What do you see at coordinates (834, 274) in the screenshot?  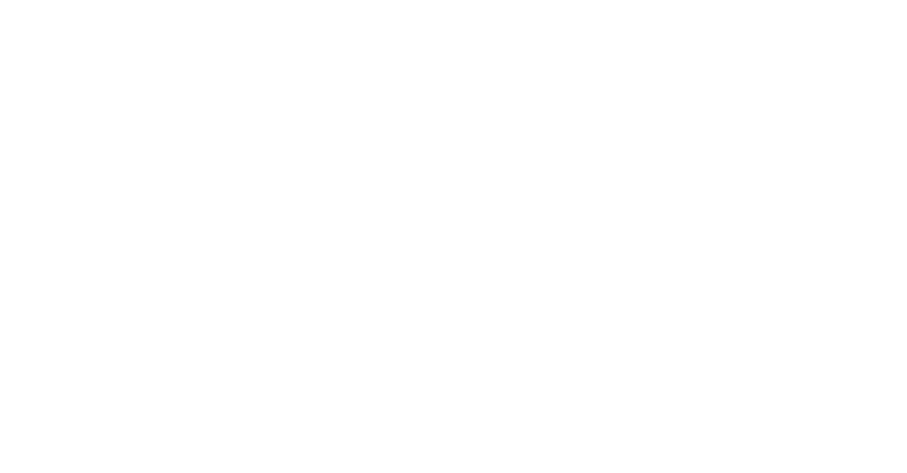 I see `'ELStAM - elektronische Lohnsteuerkarte'` at bounding box center [834, 274].